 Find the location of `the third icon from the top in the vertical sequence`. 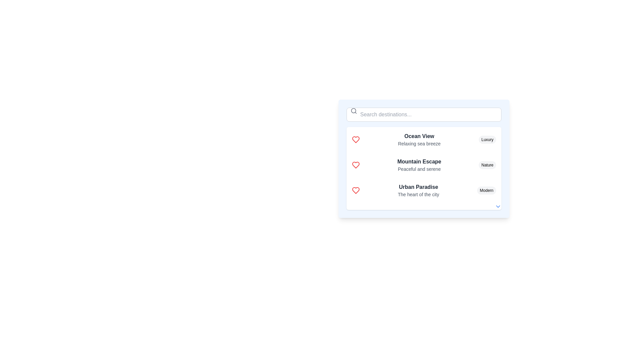

the third icon from the top in the vertical sequence is located at coordinates (355, 191).